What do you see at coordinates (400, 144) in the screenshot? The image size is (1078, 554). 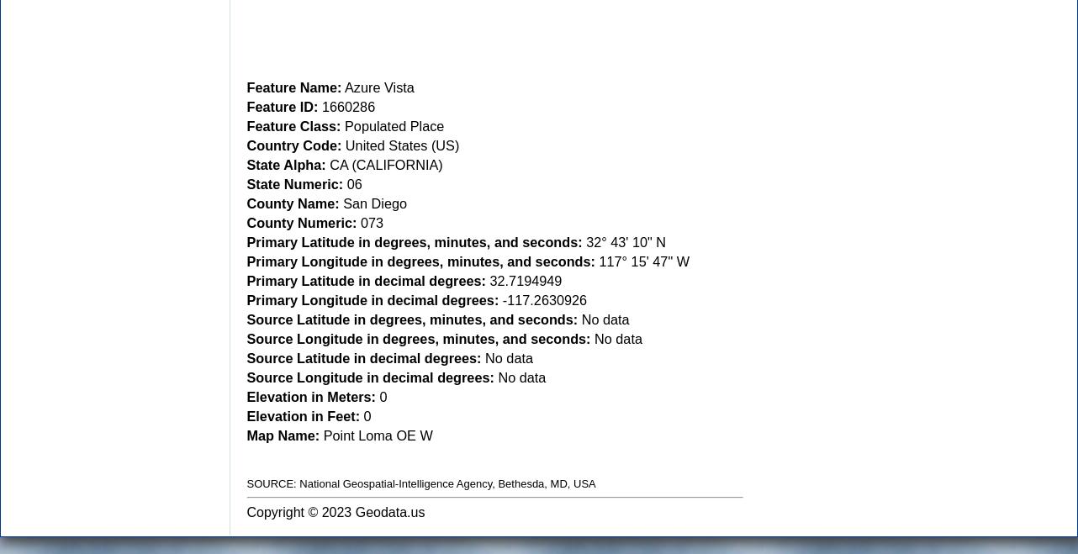 I see `'United States (US)'` at bounding box center [400, 144].